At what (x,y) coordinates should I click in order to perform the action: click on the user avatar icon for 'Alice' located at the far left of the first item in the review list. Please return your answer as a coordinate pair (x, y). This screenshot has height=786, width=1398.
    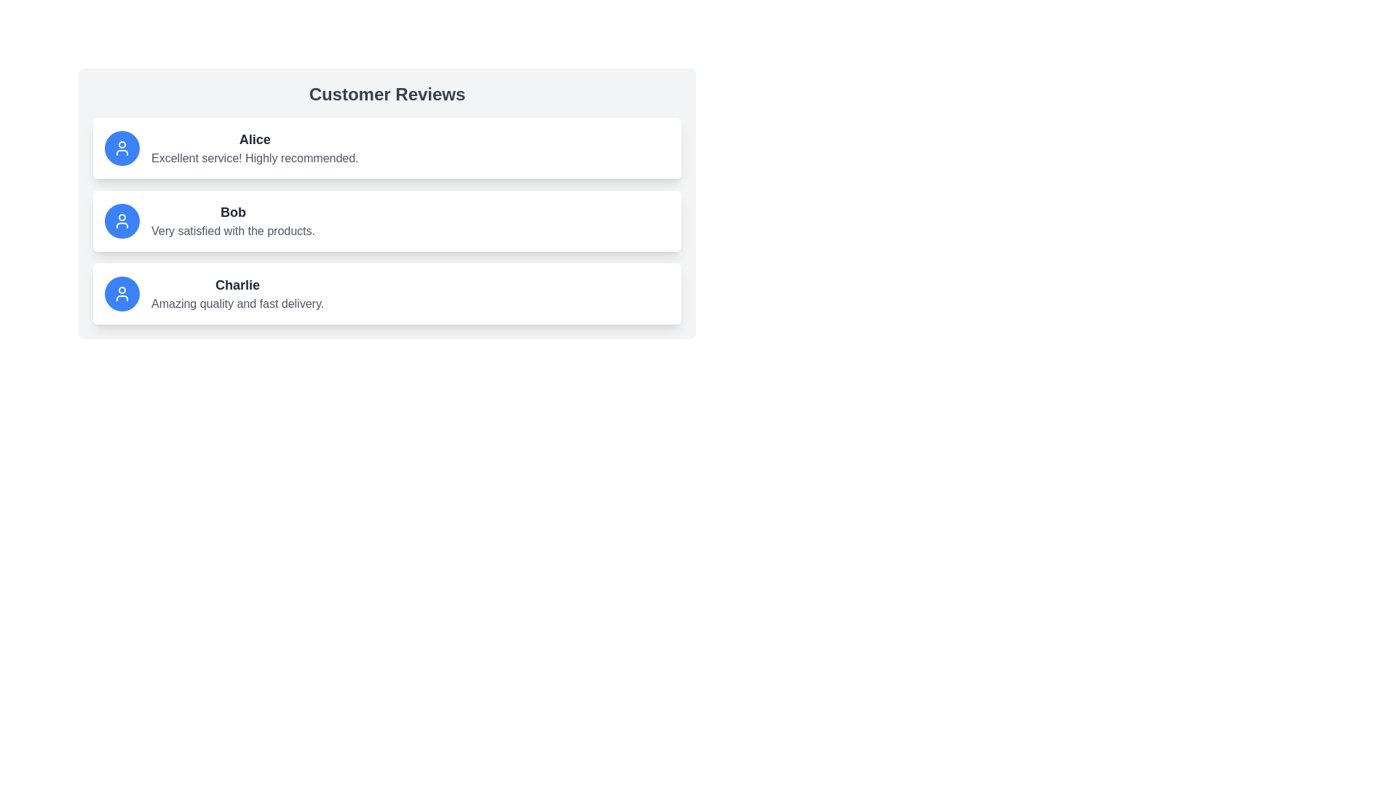
    Looking at the image, I should click on (122, 148).